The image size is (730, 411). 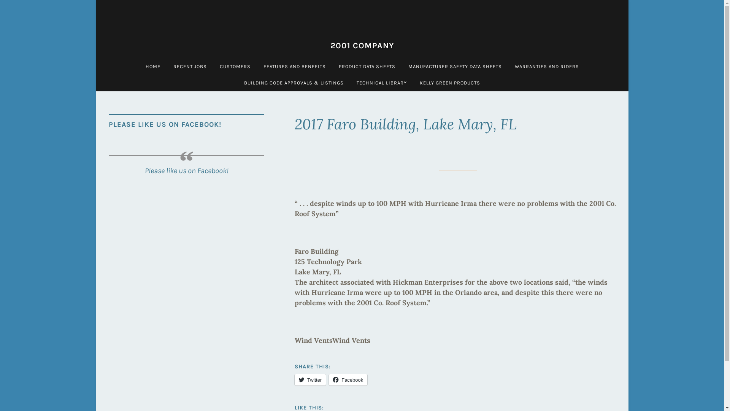 What do you see at coordinates (293, 83) in the screenshot?
I see `'BUILDING CODE APPROVALS & LISTINGS'` at bounding box center [293, 83].